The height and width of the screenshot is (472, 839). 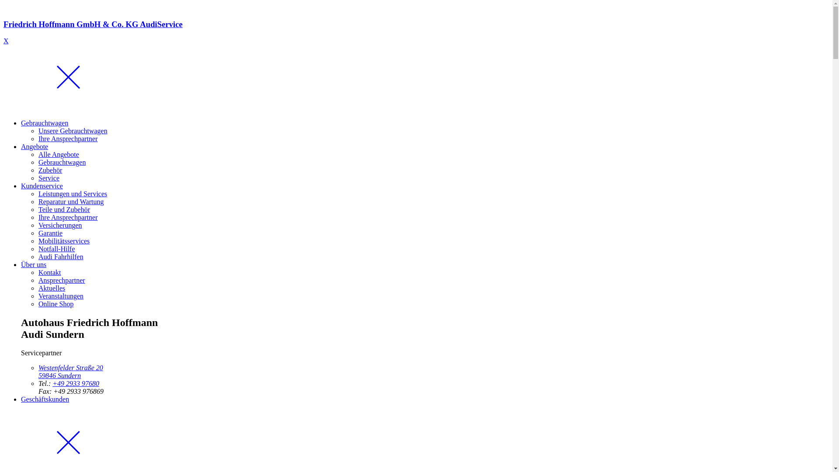 I want to click on '+49 2933 97680', so click(x=76, y=383).